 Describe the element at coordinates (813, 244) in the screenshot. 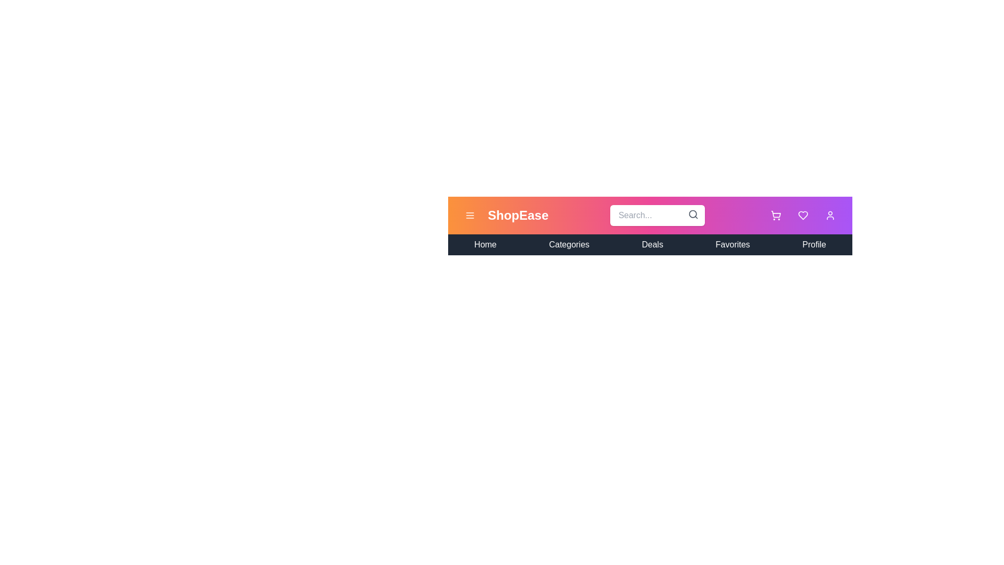

I see `the Profile from the navigation menu` at that location.